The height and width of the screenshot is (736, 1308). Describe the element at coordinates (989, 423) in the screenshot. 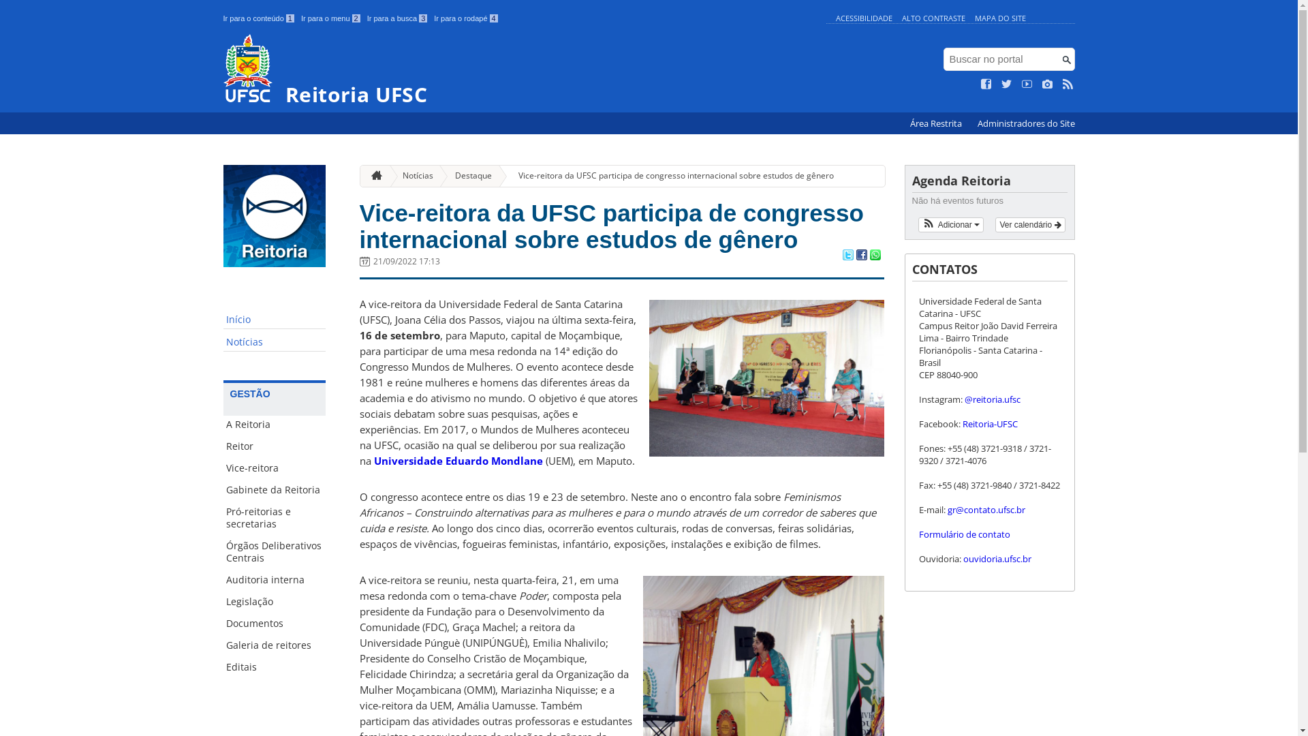

I see `'Reitoria-UFSC'` at that location.